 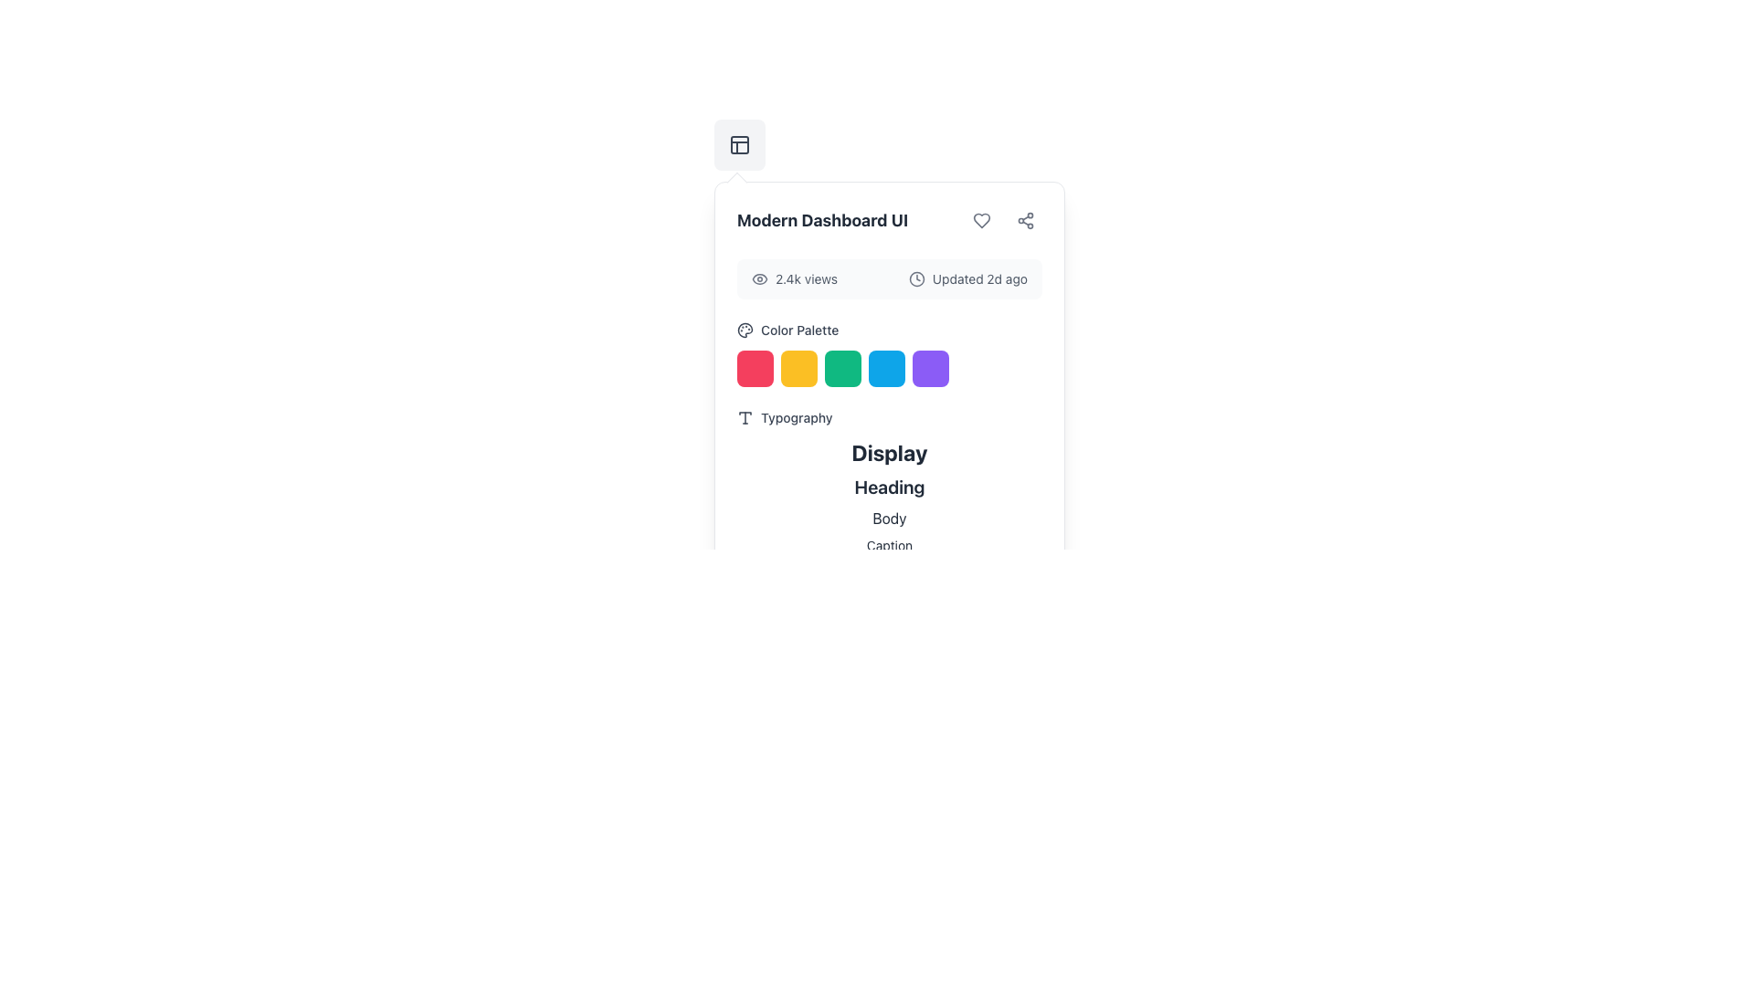 What do you see at coordinates (890, 486) in the screenshot?
I see `the second text label in the typography section under 'DisplayHeadingBodyCaption' to change its text color to blue` at bounding box center [890, 486].